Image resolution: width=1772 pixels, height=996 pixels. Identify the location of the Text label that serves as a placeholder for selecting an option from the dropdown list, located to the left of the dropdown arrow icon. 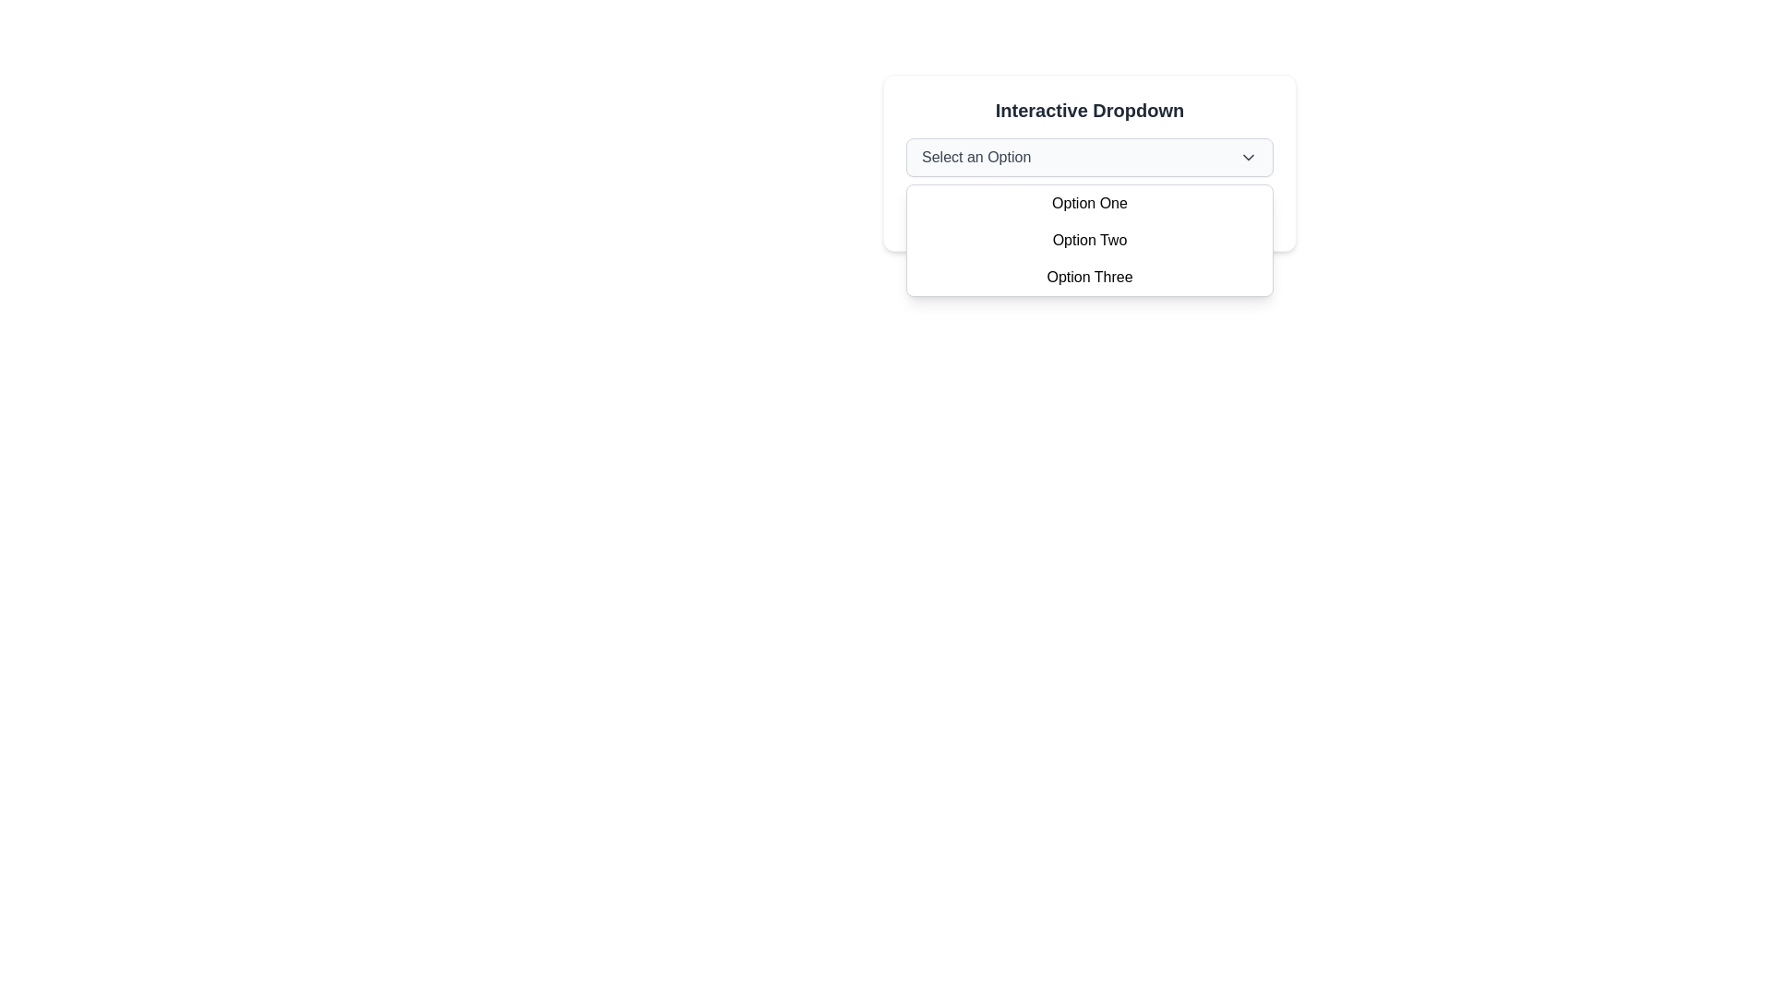
(976, 156).